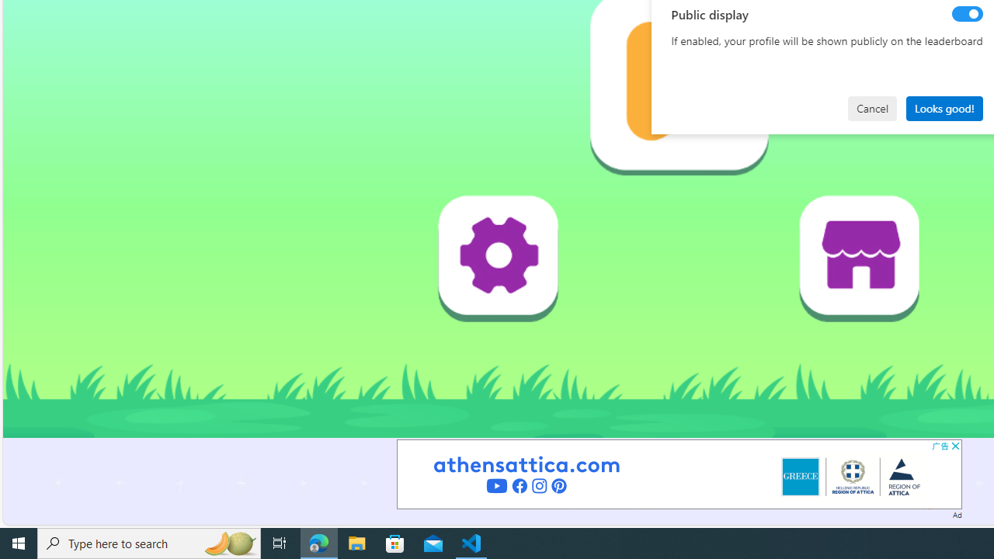 The image size is (994, 559). What do you see at coordinates (395, 542) in the screenshot?
I see `'Microsoft Store'` at bounding box center [395, 542].